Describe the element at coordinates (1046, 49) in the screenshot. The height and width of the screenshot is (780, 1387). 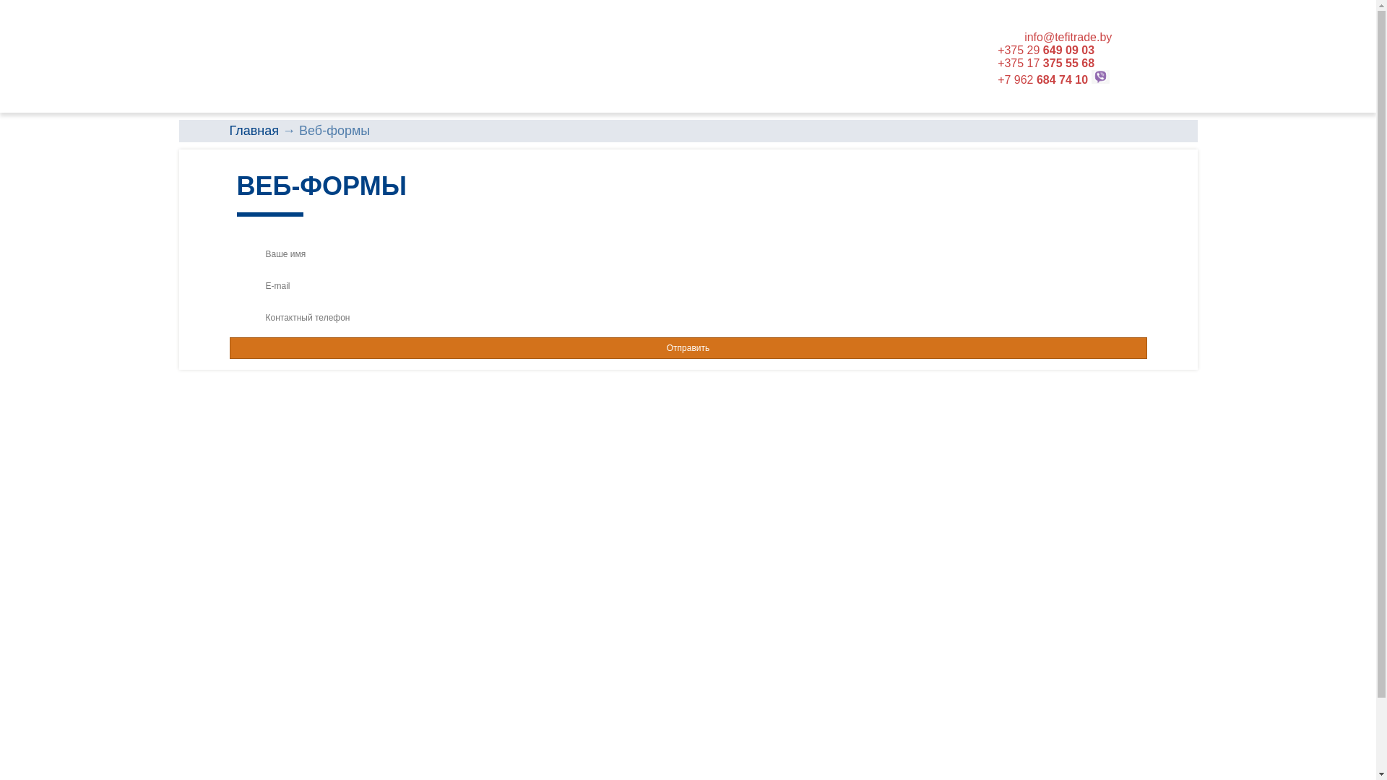
I see `'+375 29 649 09 03'` at that location.